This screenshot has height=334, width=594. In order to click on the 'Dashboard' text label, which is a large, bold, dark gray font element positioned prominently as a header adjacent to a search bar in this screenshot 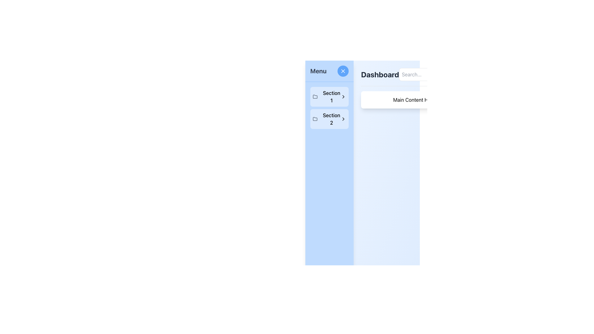, I will do `click(380, 74)`.